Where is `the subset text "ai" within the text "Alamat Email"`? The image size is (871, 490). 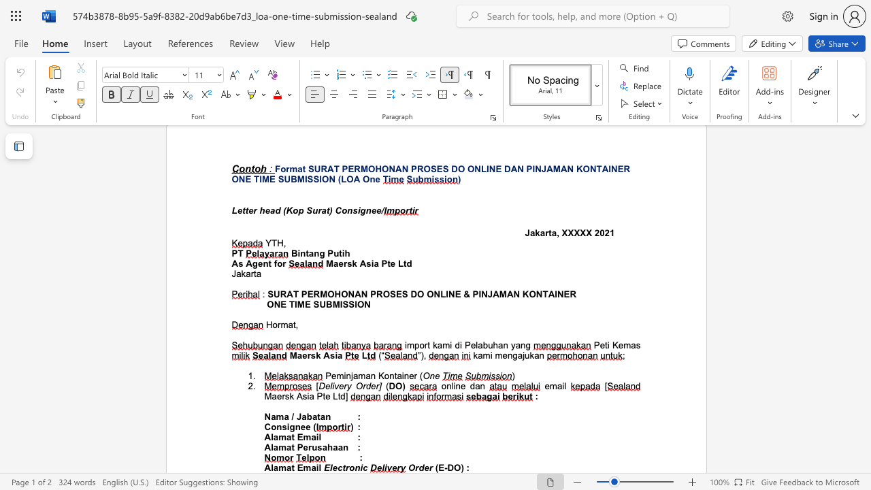 the subset text "ai" within the text "Alamat Email" is located at coordinates (310, 467).